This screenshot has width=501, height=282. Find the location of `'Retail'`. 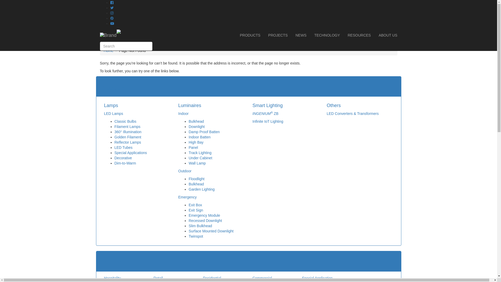

'Retail' is located at coordinates (158, 278).